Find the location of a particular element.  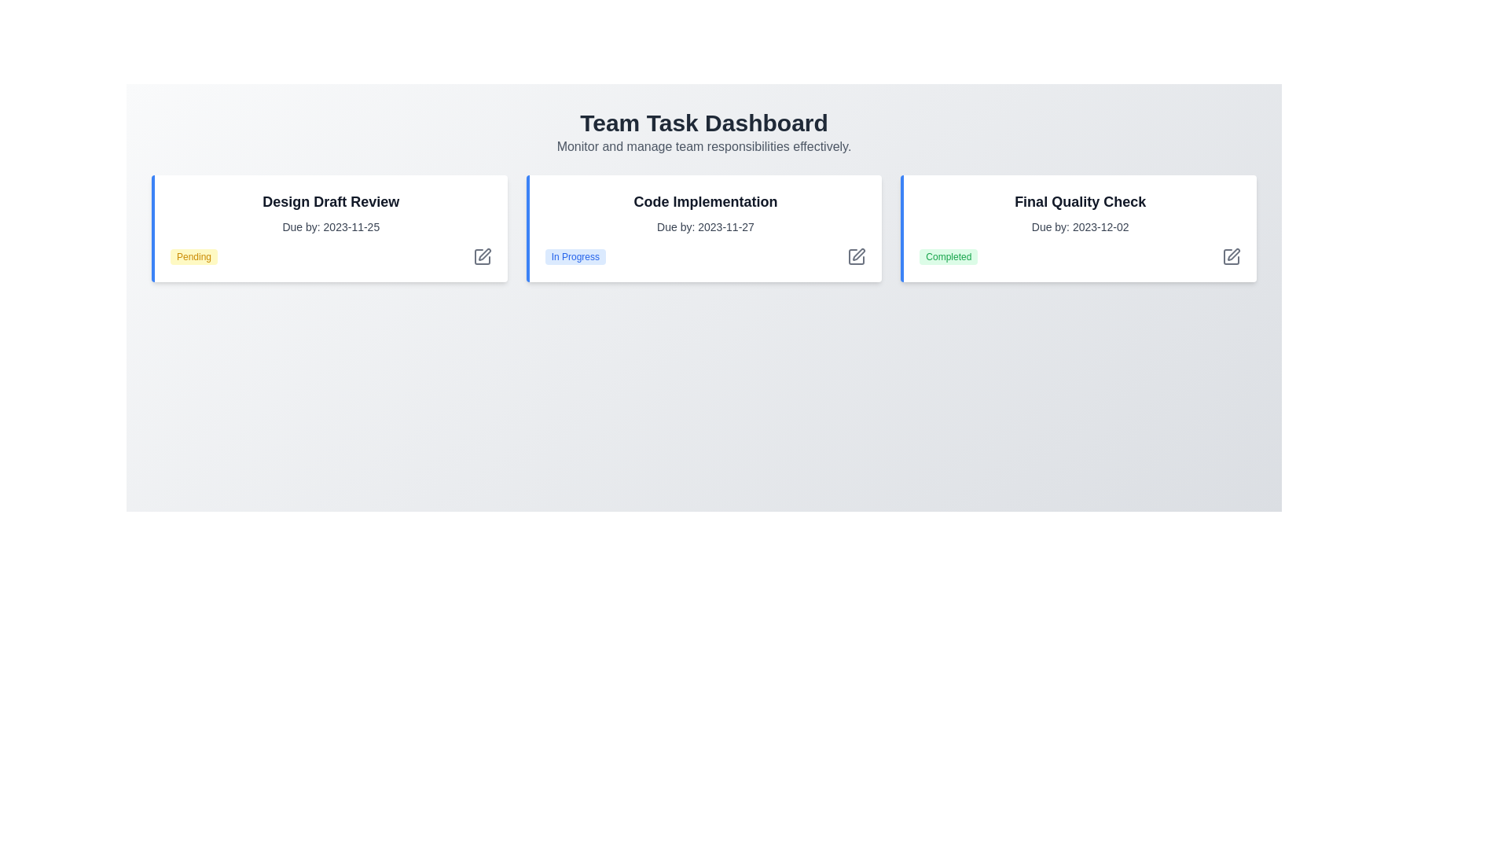

the edit icon located in the second card labeled 'Code Implementation' on the dashboard to initiate editing of the task details is located at coordinates (858, 254).